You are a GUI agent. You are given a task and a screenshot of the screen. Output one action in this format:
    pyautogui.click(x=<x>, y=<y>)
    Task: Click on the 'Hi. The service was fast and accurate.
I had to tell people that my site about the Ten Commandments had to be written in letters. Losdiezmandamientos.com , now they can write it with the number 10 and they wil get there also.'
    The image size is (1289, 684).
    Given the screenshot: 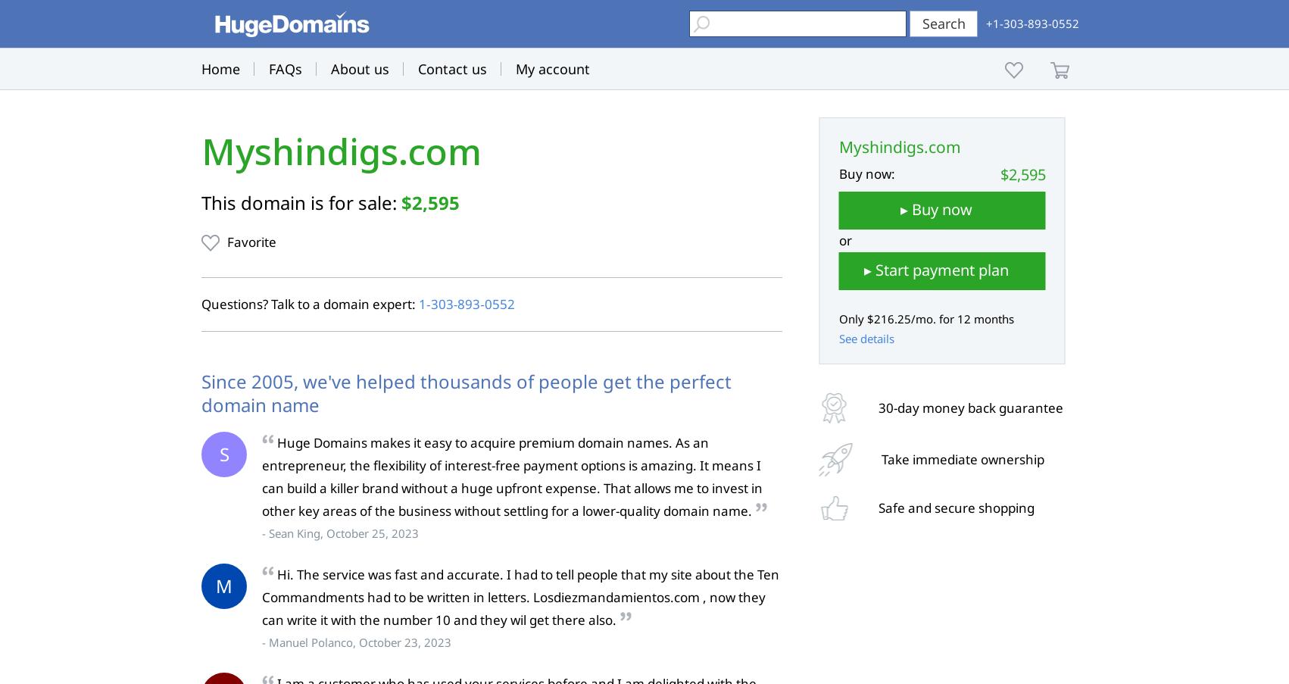 What is the action you would take?
    pyautogui.click(x=262, y=595)
    